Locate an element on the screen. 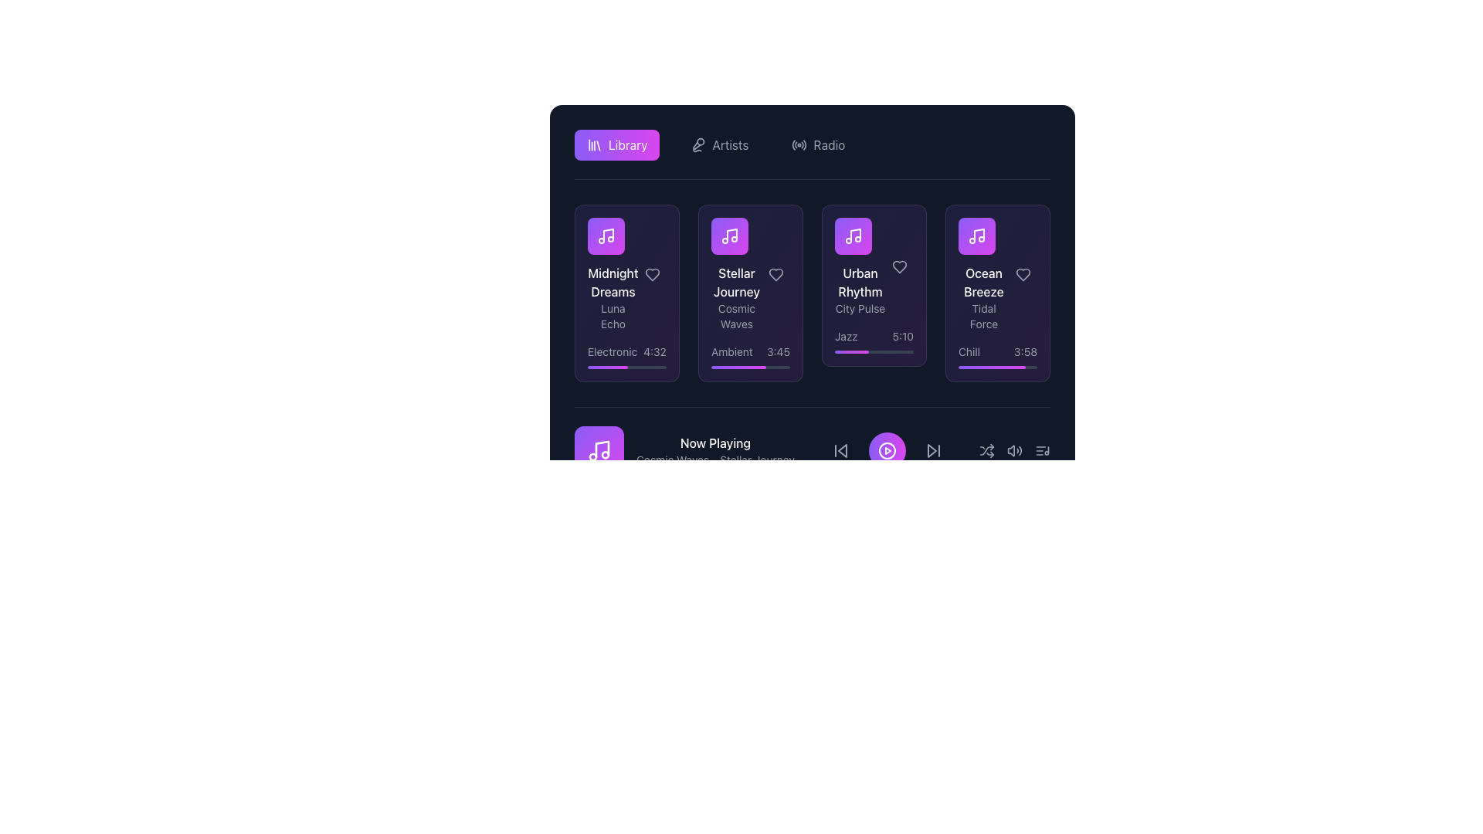 This screenshot has width=1483, height=834. the shuffle icon, which is represented by two interweaving arrows in gray color, located in the Now Playing control bar on the leftmost side of the playback controls section, to change its color is located at coordinates (986, 450).